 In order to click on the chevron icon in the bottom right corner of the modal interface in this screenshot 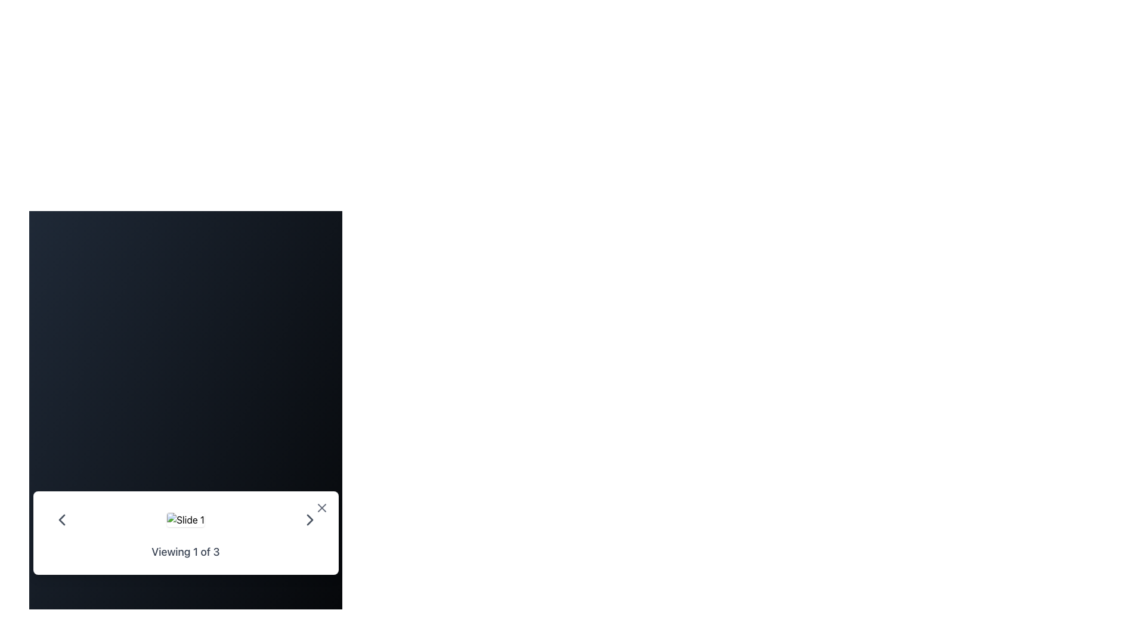, I will do `click(310, 519)`.